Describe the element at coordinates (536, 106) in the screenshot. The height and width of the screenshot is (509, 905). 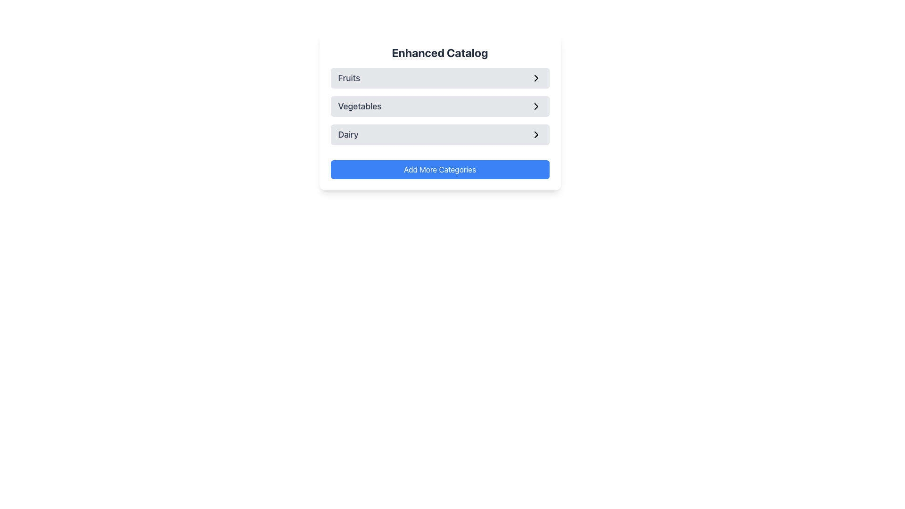
I see `the interactive 'Vegetables' icon located to the far right of the 'Vegetables' text in the second item of the vertical list` at that location.